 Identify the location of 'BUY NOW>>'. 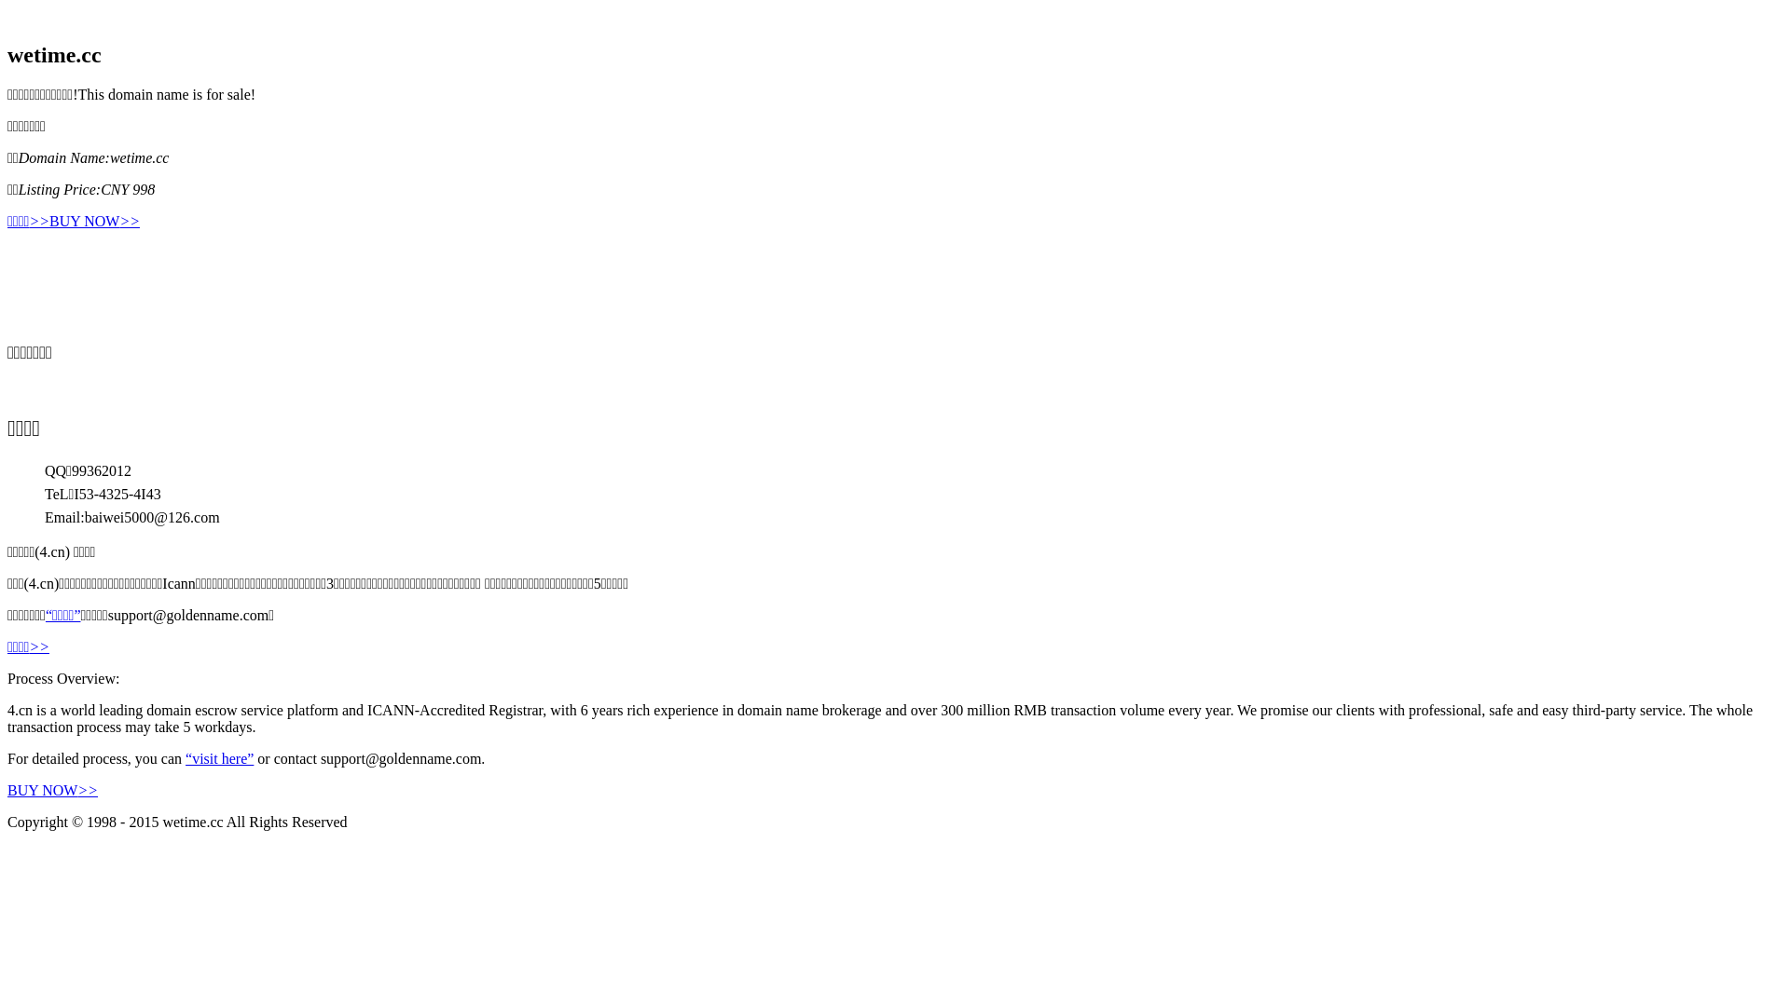
(48, 221).